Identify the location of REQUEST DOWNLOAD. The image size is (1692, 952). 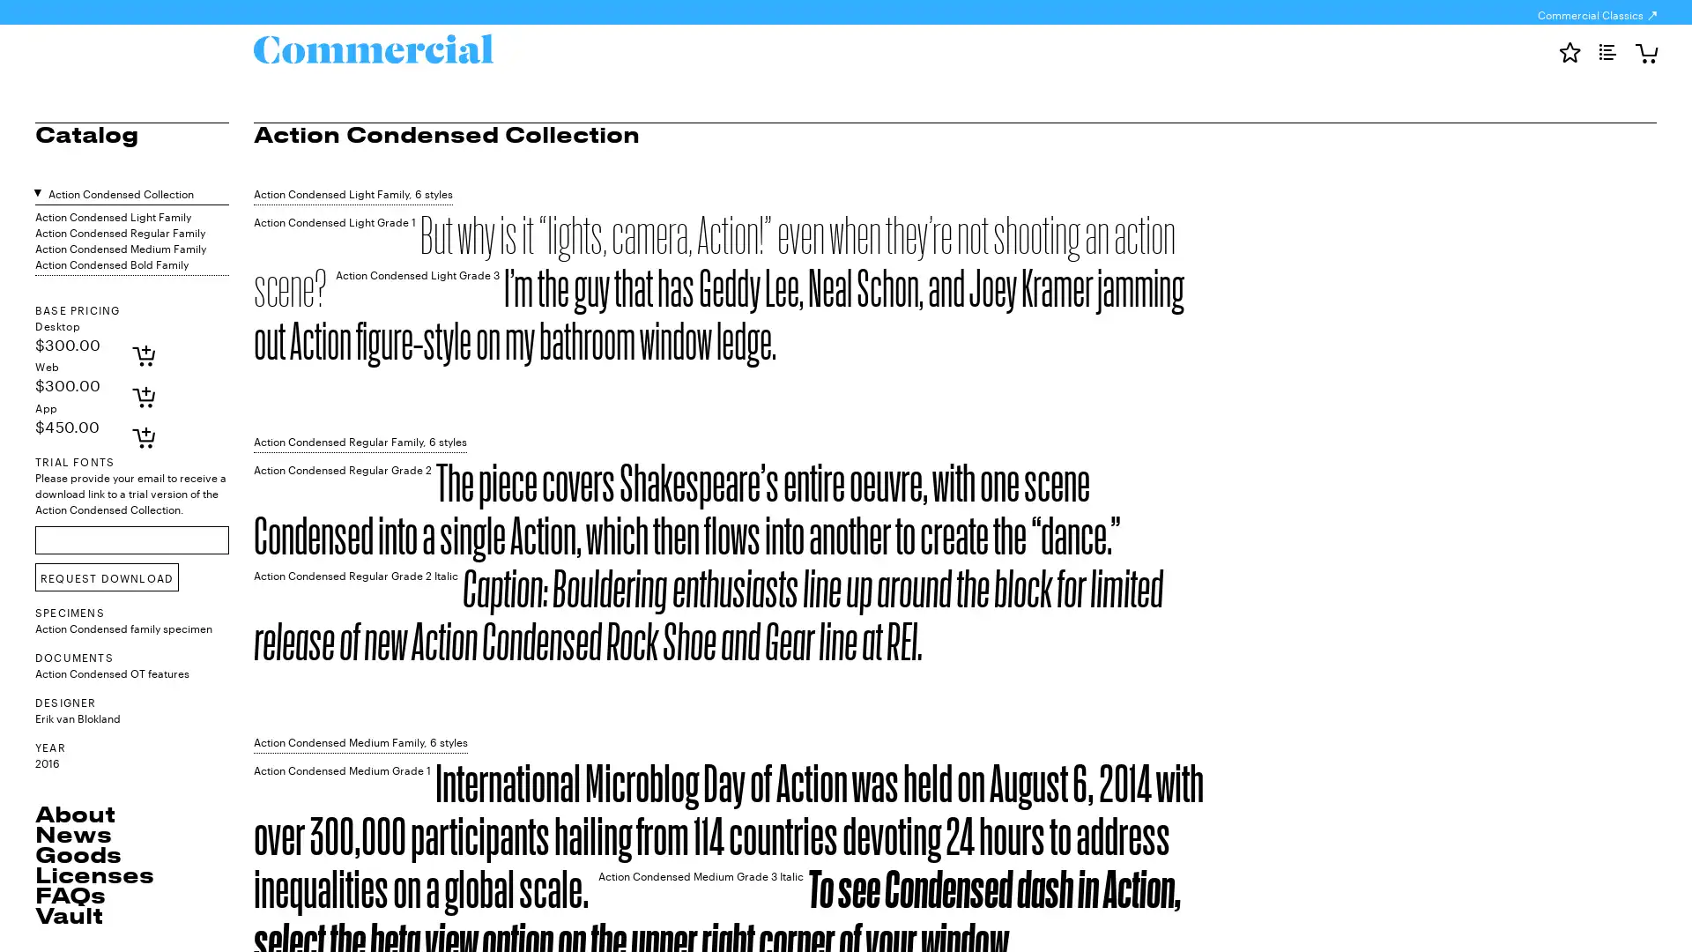
(106, 577).